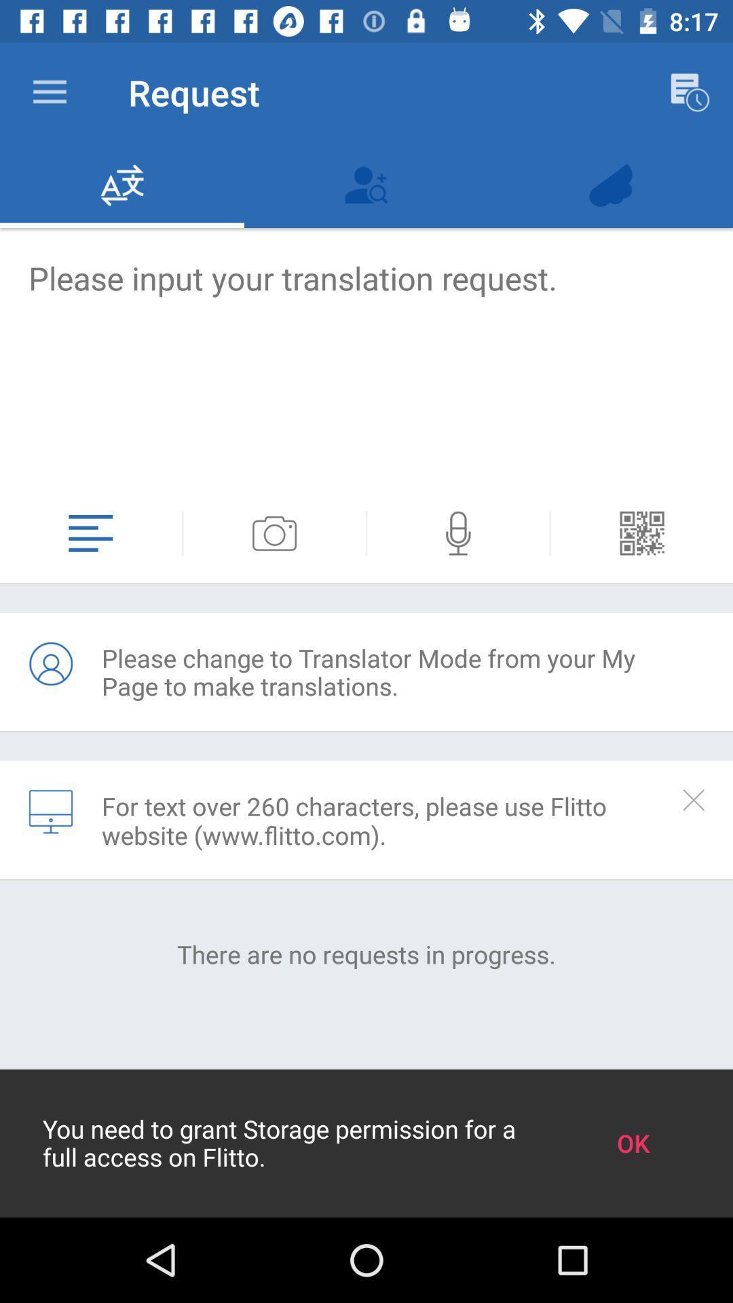  I want to click on the ok at the bottom right corner, so click(633, 1142).